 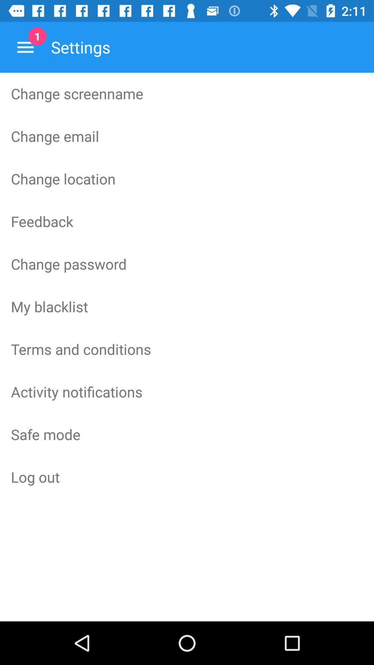 I want to click on the icon above terms and conditions item, so click(x=187, y=306).